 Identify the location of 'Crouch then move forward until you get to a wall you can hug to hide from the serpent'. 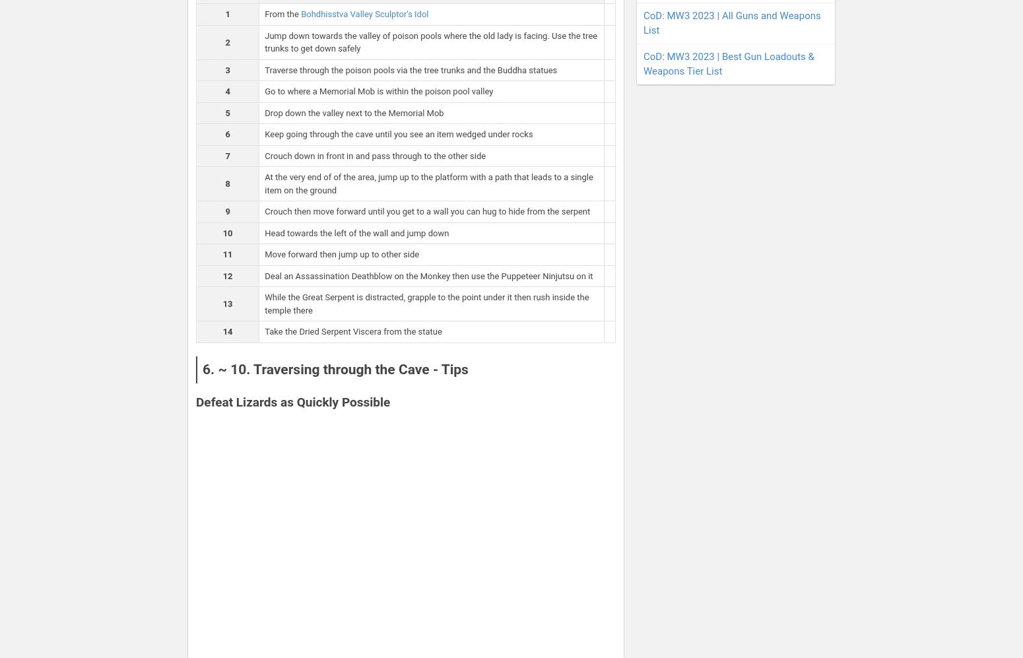
(426, 211).